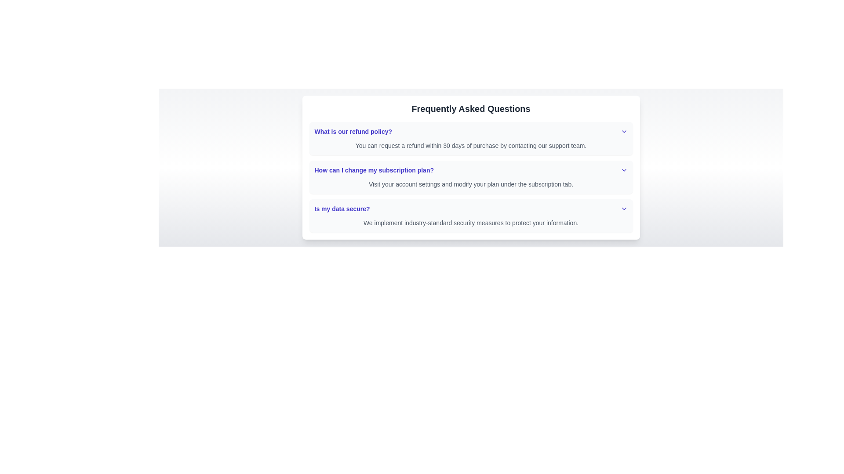 This screenshot has width=844, height=474. I want to click on the second Expandable FAQ item located between 'What is our refund policy?' and 'Is my data secure?', so click(470, 177).